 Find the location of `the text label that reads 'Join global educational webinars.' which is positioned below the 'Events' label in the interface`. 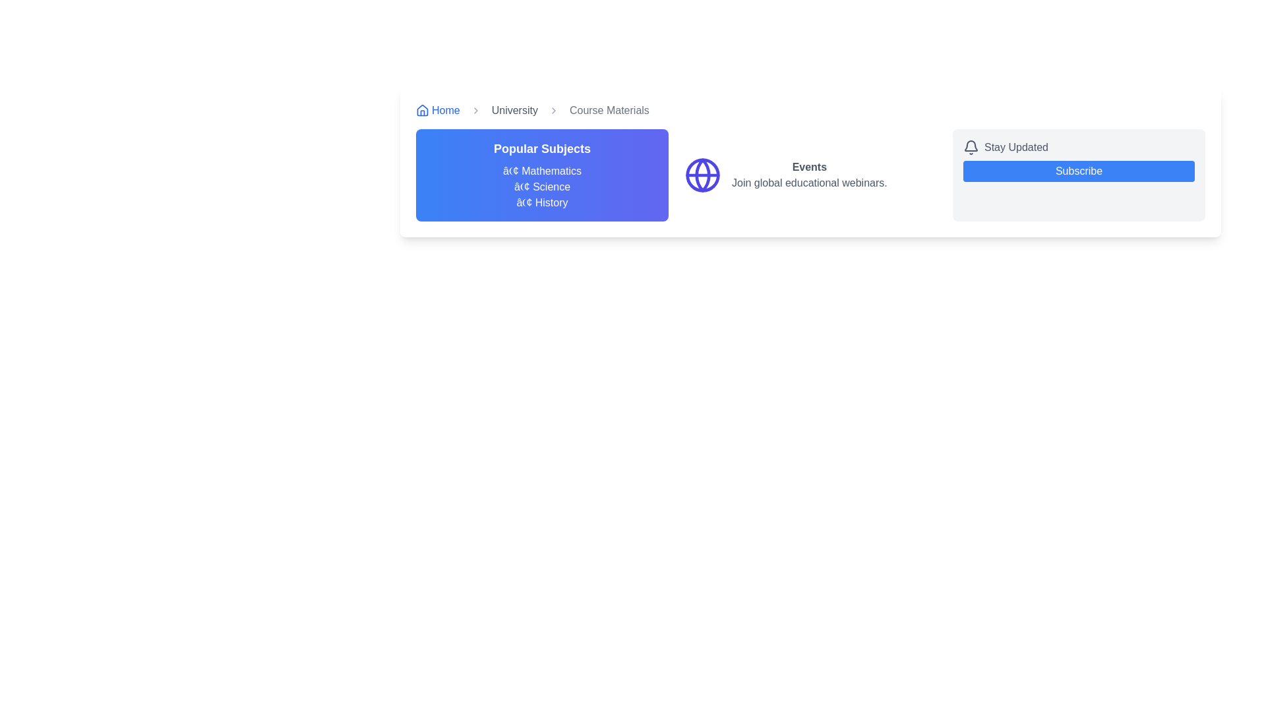

the text label that reads 'Join global educational webinars.' which is positioned below the 'Events' label in the interface is located at coordinates (808, 183).